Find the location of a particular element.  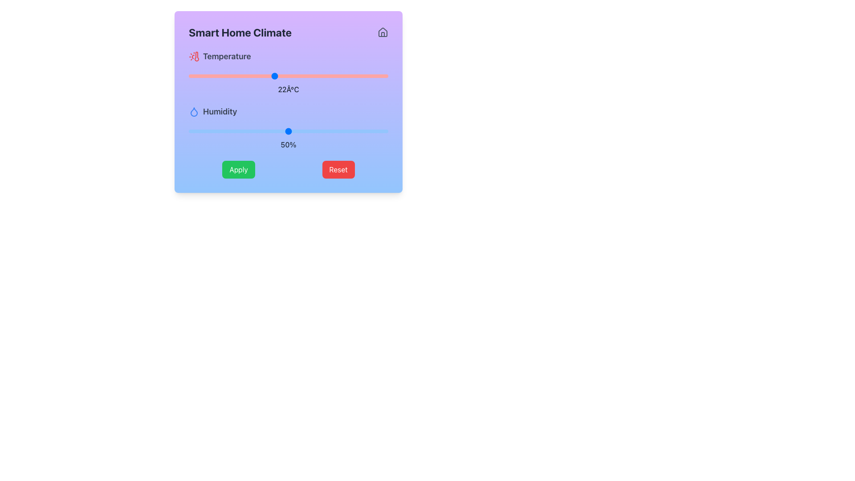

the blue water droplet icon located to the left of the 'Humidity' text label, positioned in the middle section of a rectangular card layout is located at coordinates (194, 111).